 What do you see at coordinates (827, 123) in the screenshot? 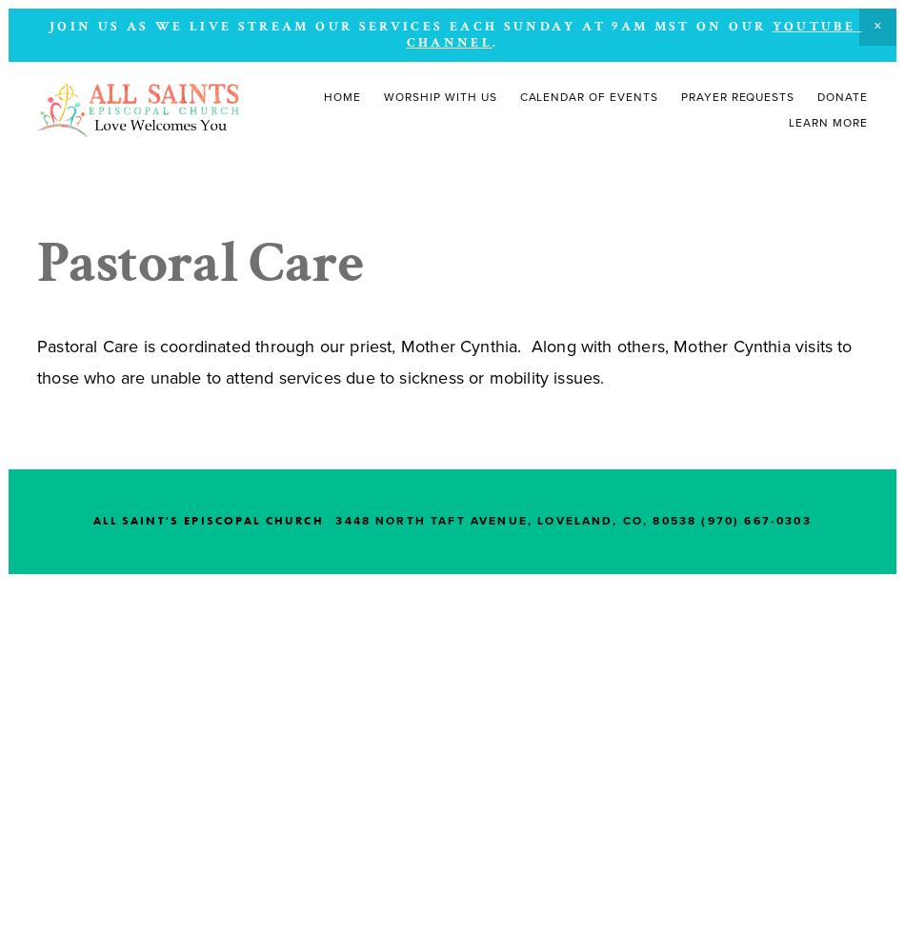
I see `'Learn More'` at bounding box center [827, 123].